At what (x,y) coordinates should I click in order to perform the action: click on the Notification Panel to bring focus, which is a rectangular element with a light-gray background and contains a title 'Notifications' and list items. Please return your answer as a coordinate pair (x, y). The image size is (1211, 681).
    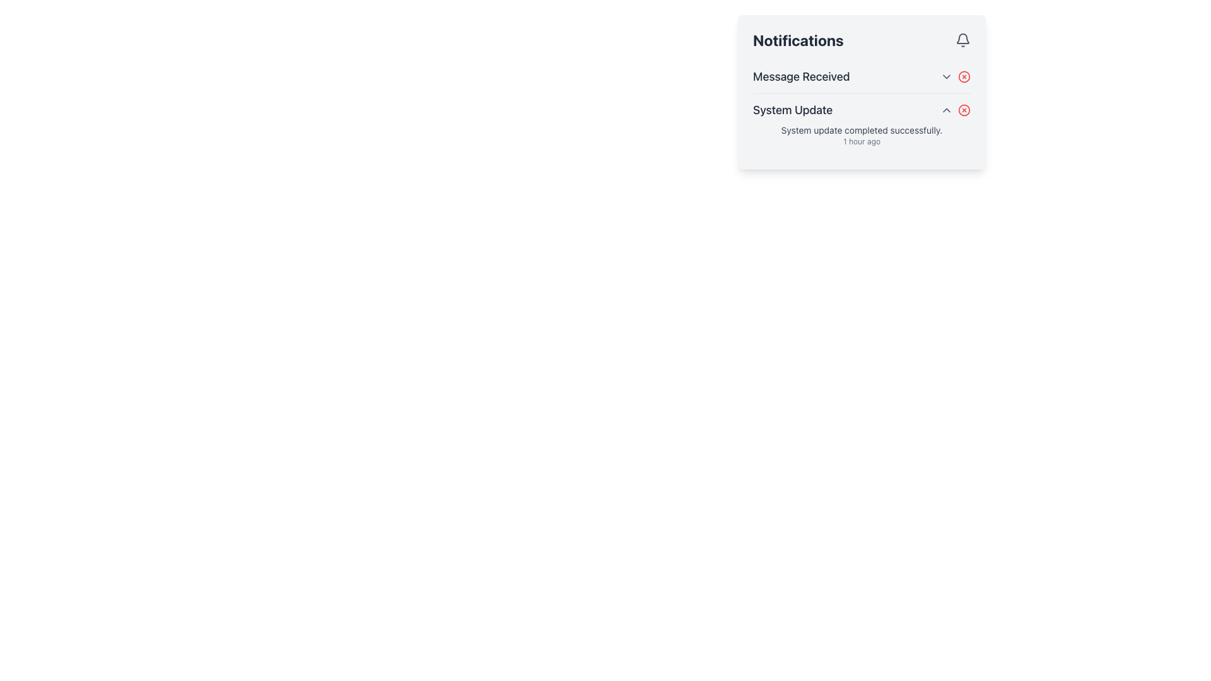
    Looking at the image, I should click on (861, 91).